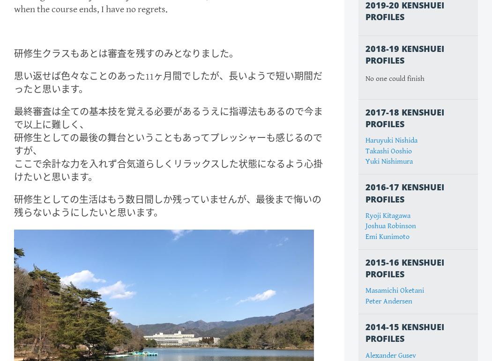 Image resolution: width=492 pixels, height=361 pixels. I want to click on '2014-15 Kenshuei Profiles', so click(404, 332).